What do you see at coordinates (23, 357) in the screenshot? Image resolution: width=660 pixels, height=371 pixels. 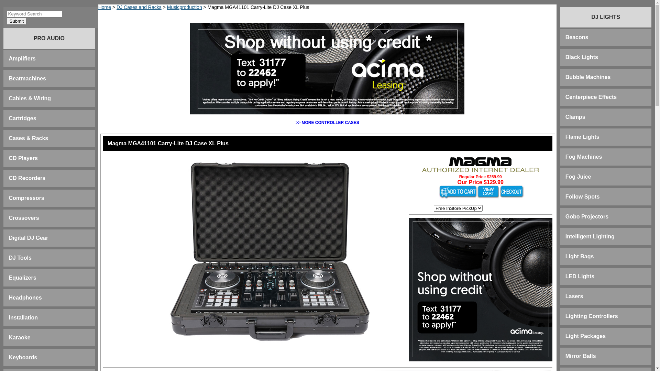 I see `'Keyboards'` at bounding box center [23, 357].